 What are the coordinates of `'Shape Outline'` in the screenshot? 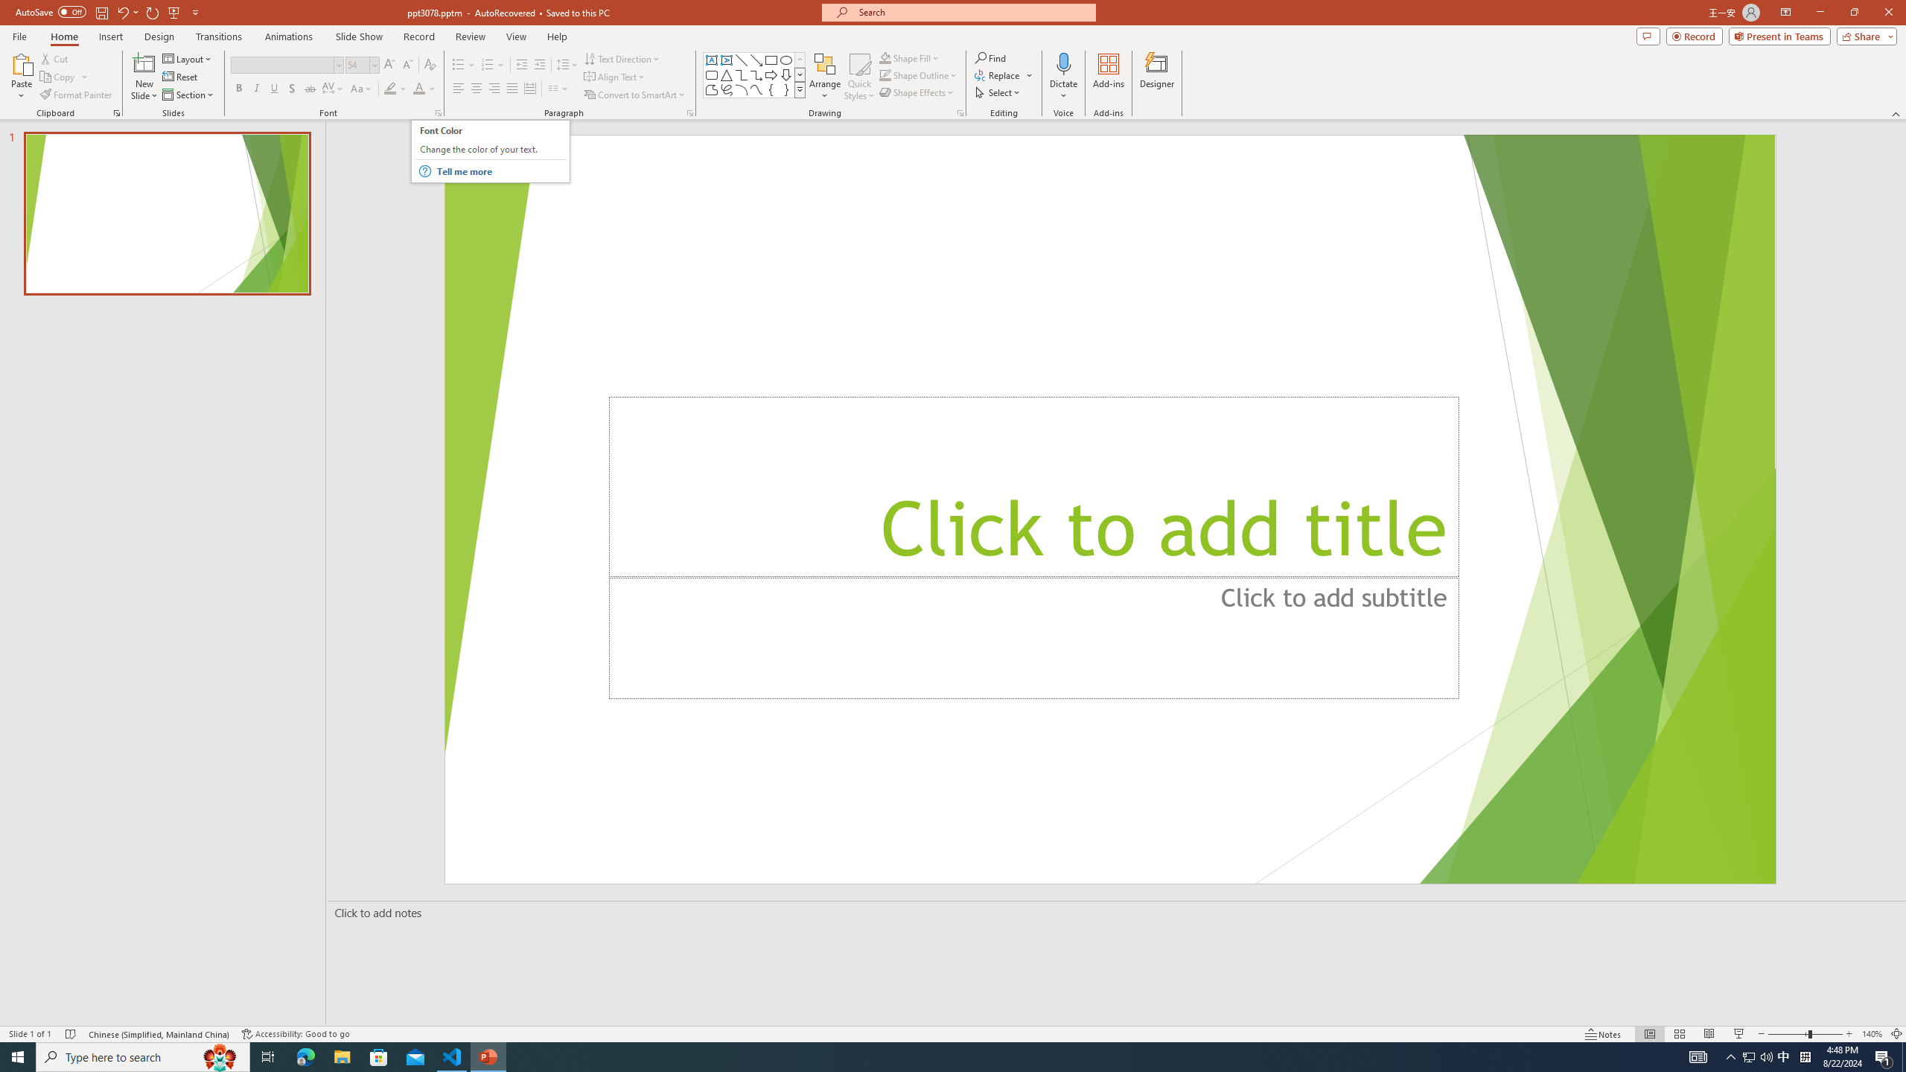 It's located at (917, 74).